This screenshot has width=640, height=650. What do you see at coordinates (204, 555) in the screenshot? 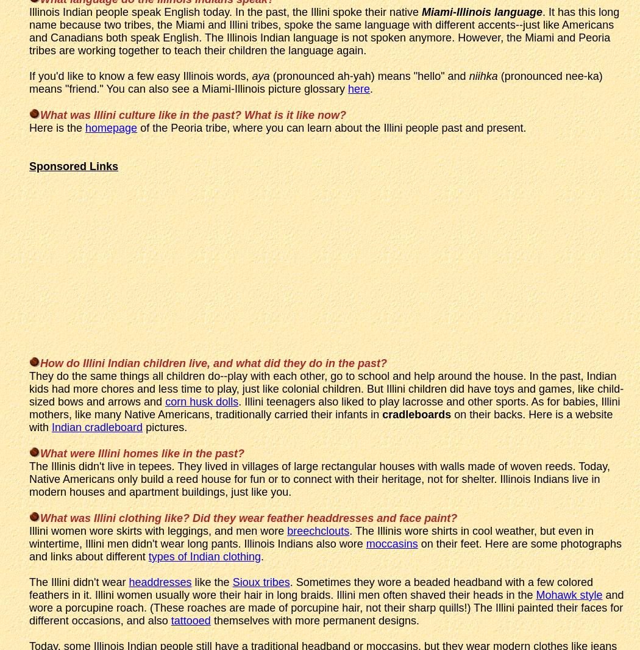
I see `'types of Indian clothing'` at bounding box center [204, 555].